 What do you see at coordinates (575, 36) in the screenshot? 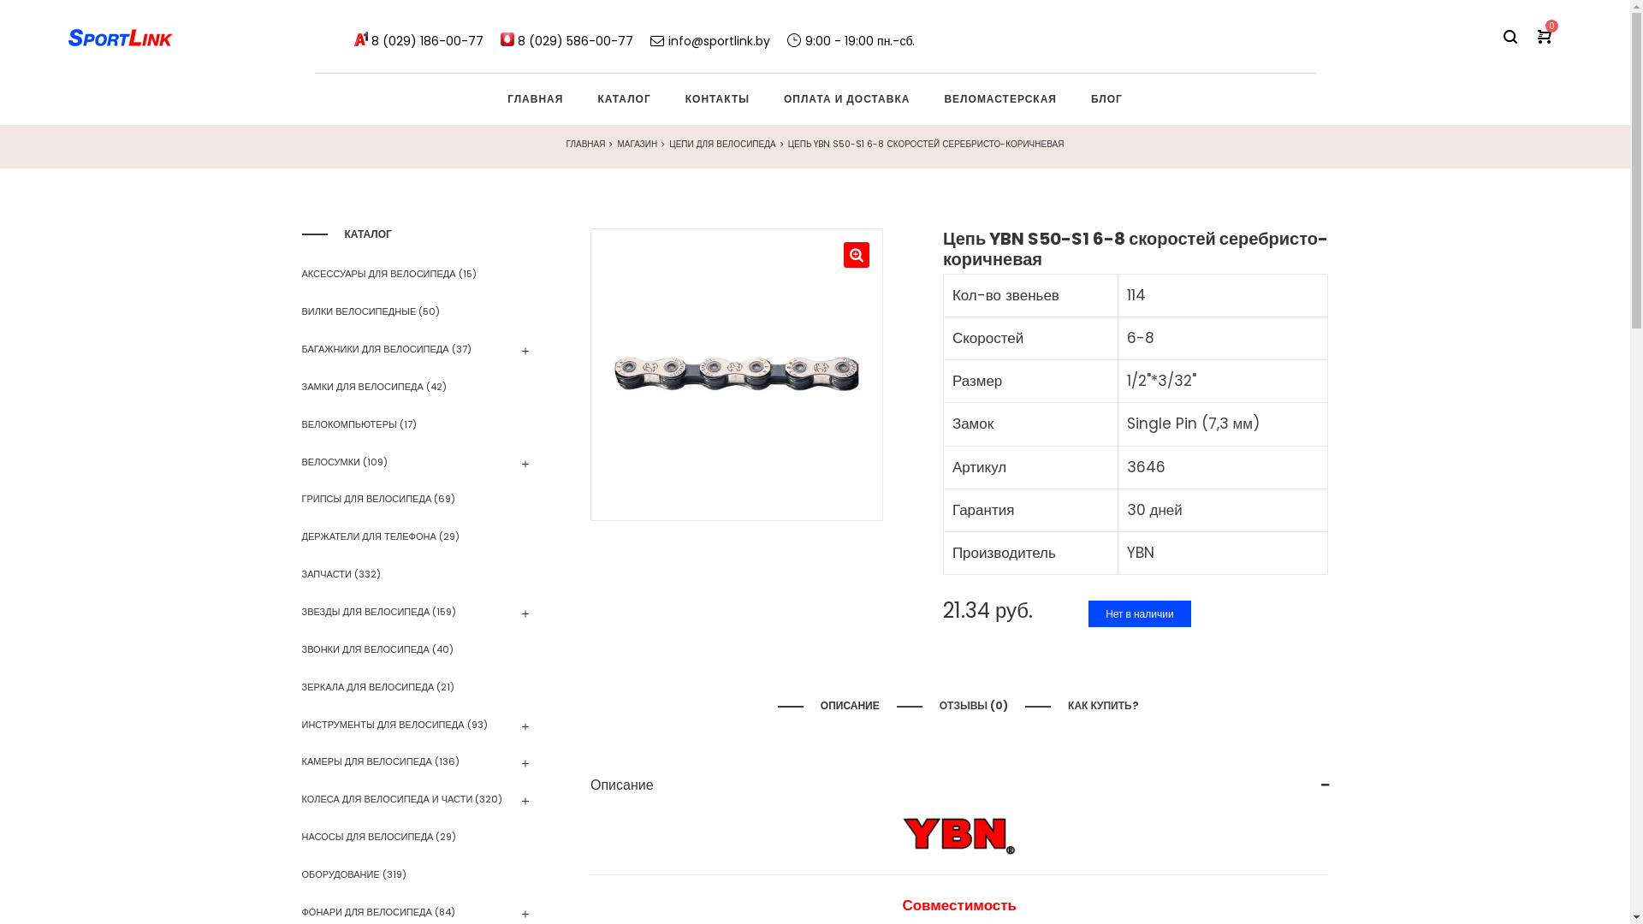
I see `'8 (029) 586-00-77'` at bounding box center [575, 36].